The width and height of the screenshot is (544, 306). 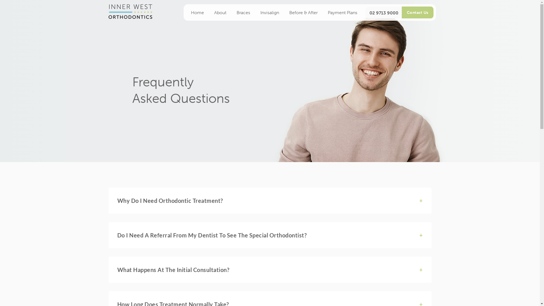 I want to click on 'Contact Us', so click(x=417, y=12).